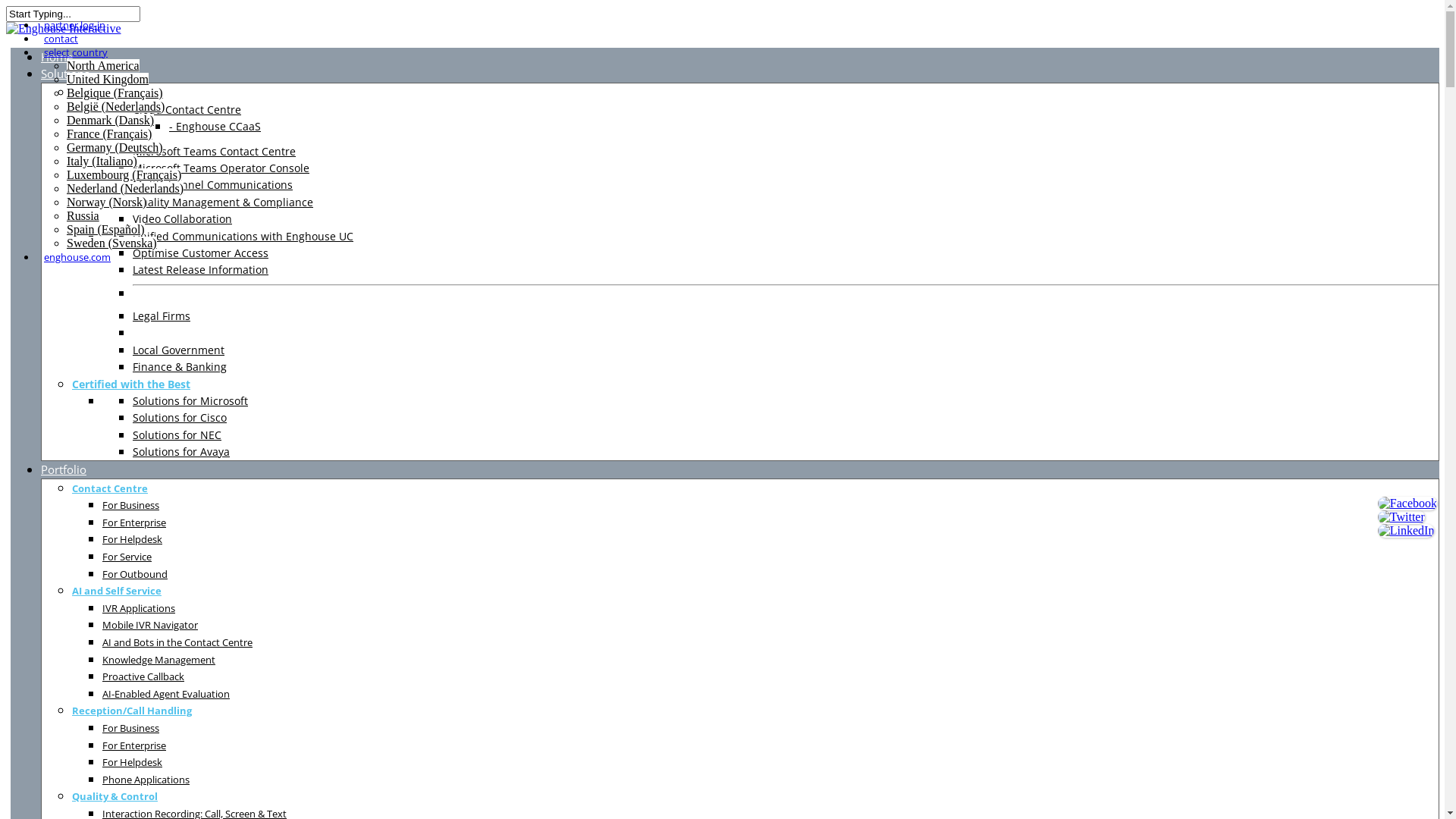 Image resolution: width=1456 pixels, height=819 pixels. Describe the element at coordinates (213, 151) in the screenshot. I see `'Microsoft Teams Contact Centre'` at that location.